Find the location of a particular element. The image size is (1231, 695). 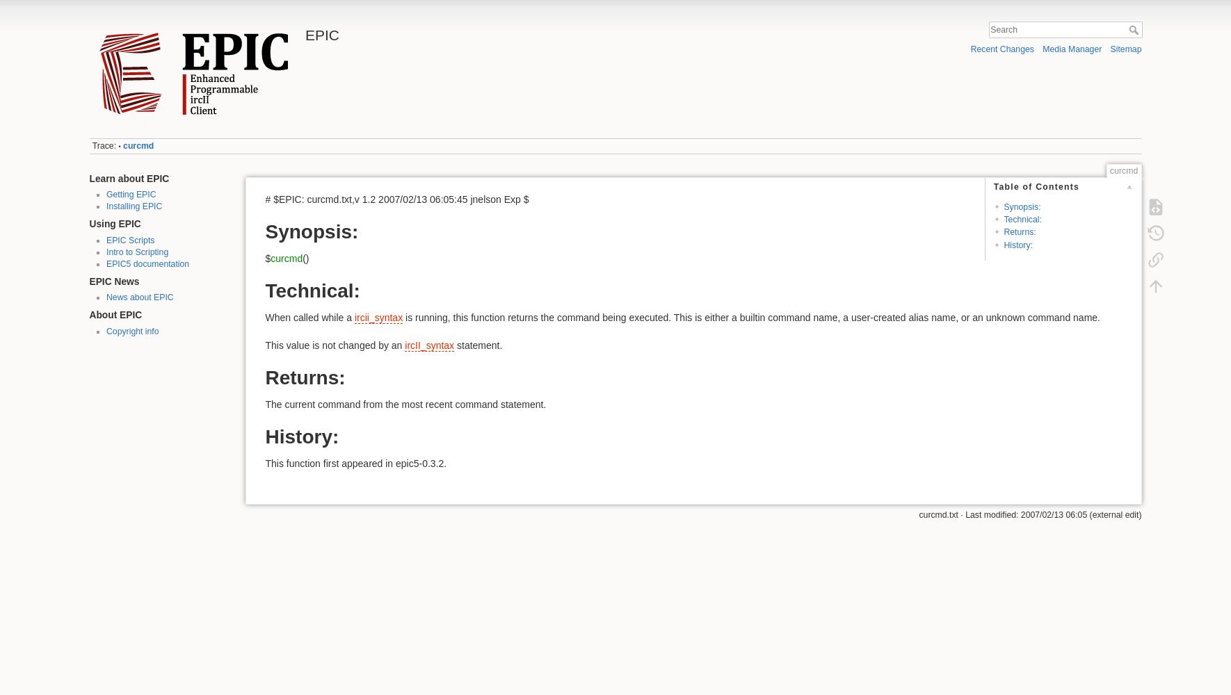

'· Last modified: 2007/02/13 06:05 (external edit)' is located at coordinates (1048, 514).